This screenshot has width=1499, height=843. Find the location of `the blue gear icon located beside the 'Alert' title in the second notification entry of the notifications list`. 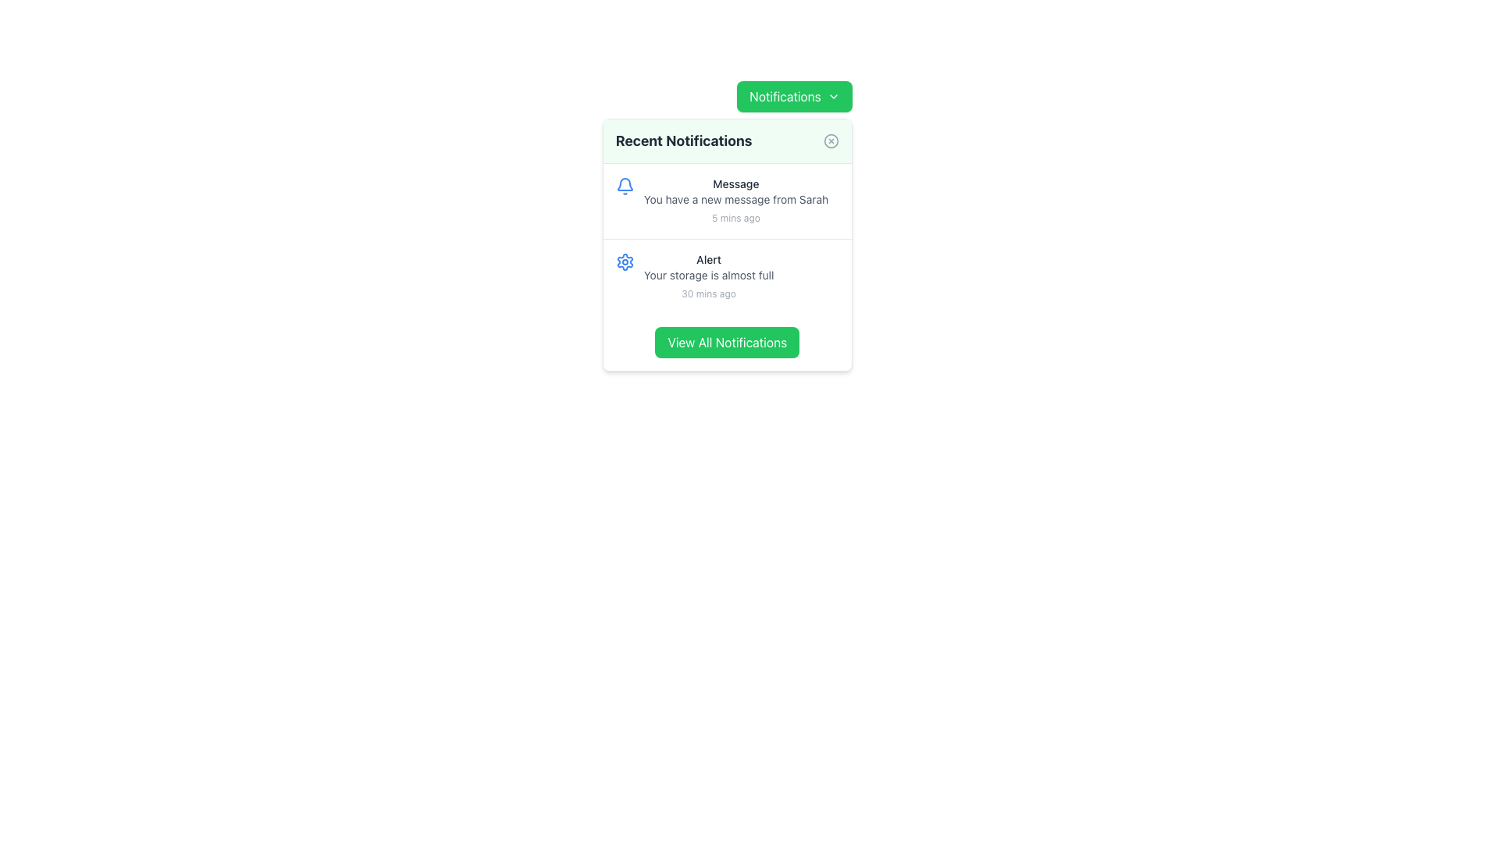

the blue gear icon located beside the 'Alert' title in the second notification entry of the notifications list is located at coordinates (625, 261).